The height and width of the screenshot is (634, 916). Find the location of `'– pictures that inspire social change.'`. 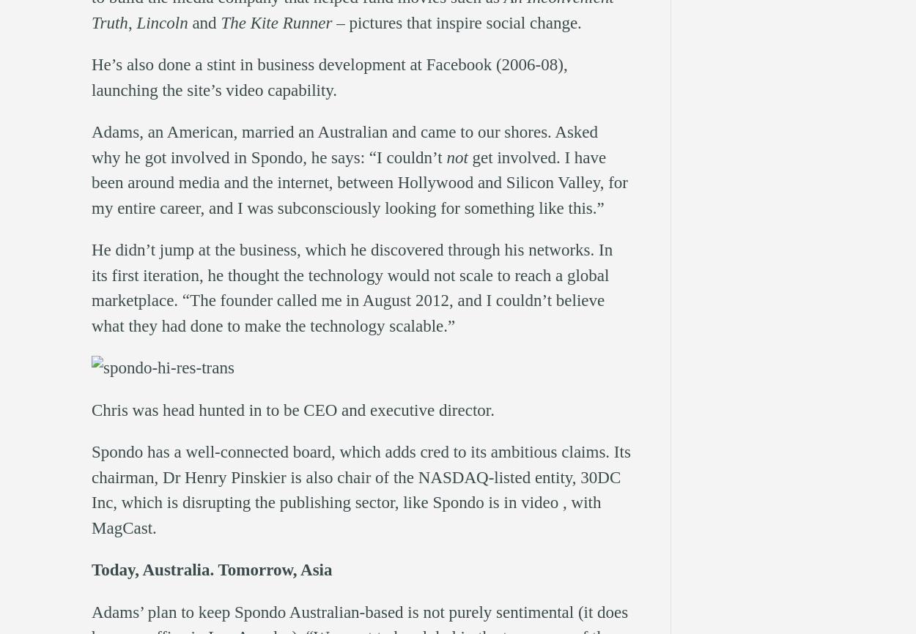

'– pictures that inspire social change.' is located at coordinates (331, 22).